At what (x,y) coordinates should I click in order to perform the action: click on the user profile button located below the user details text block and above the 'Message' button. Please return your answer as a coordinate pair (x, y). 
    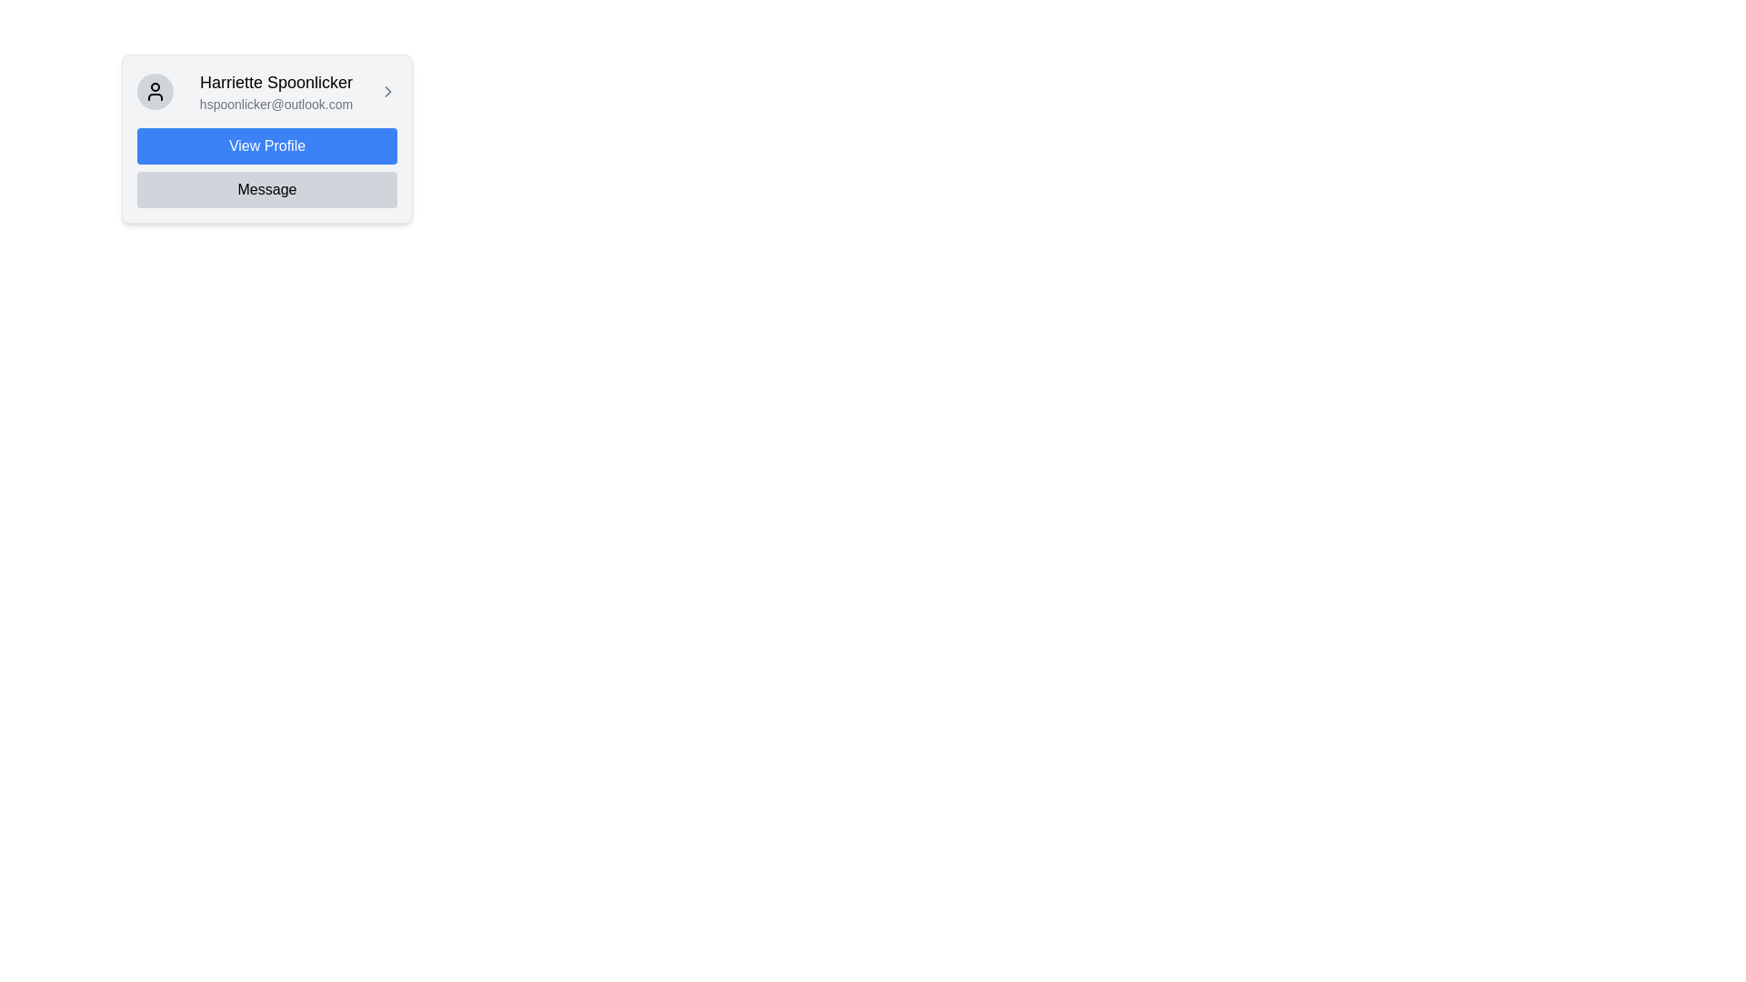
    Looking at the image, I should click on (266, 145).